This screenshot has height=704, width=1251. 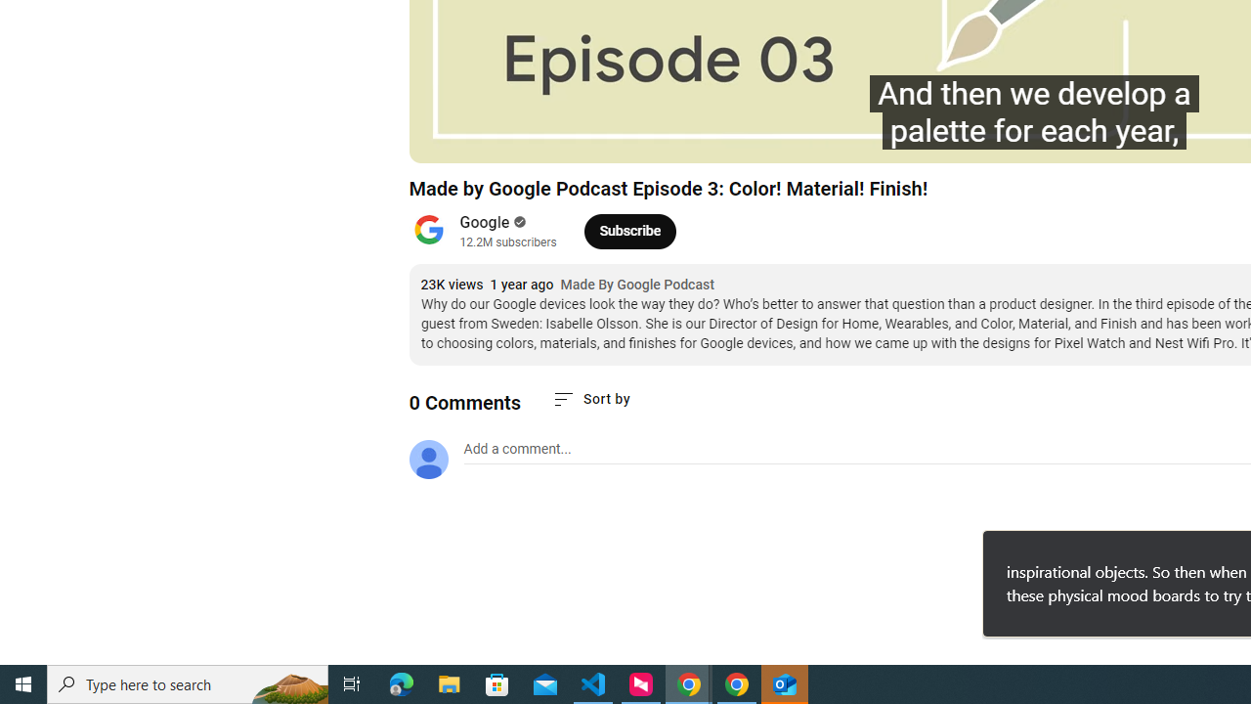 What do you see at coordinates (518, 221) in the screenshot?
I see `'Verified'` at bounding box center [518, 221].